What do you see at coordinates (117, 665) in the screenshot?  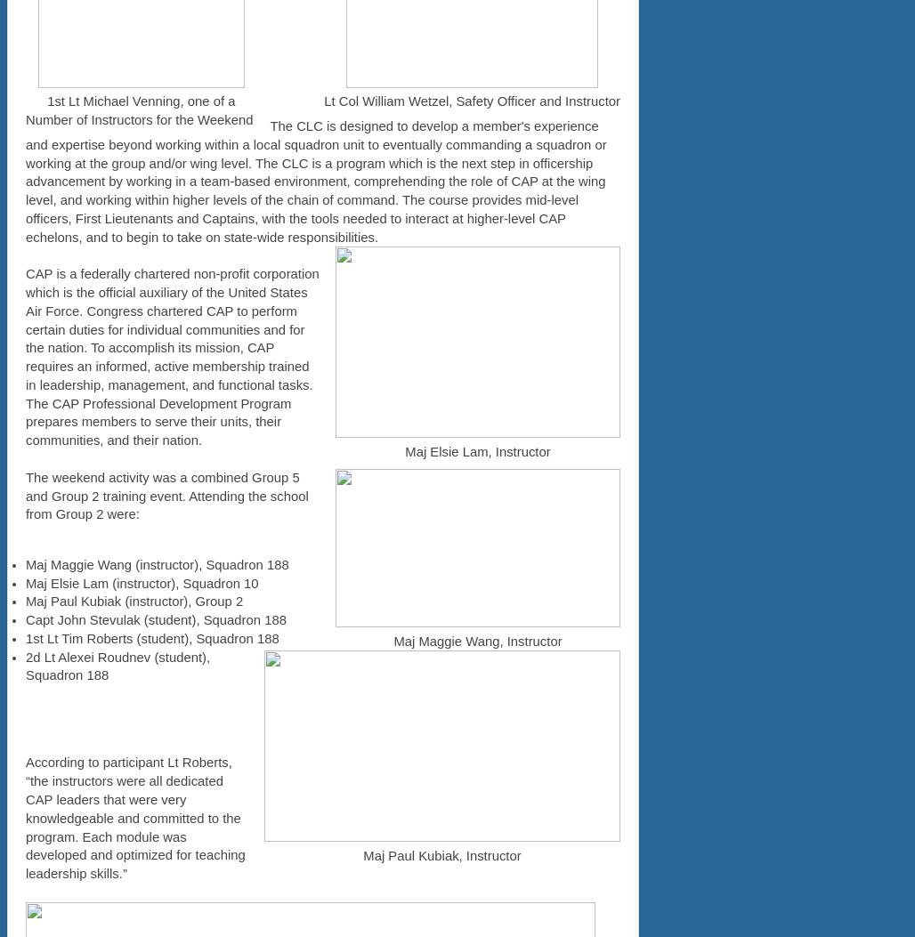 I see `'2d Lt Alexei Roudnev (student), Squadron 188'` at bounding box center [117, 665].